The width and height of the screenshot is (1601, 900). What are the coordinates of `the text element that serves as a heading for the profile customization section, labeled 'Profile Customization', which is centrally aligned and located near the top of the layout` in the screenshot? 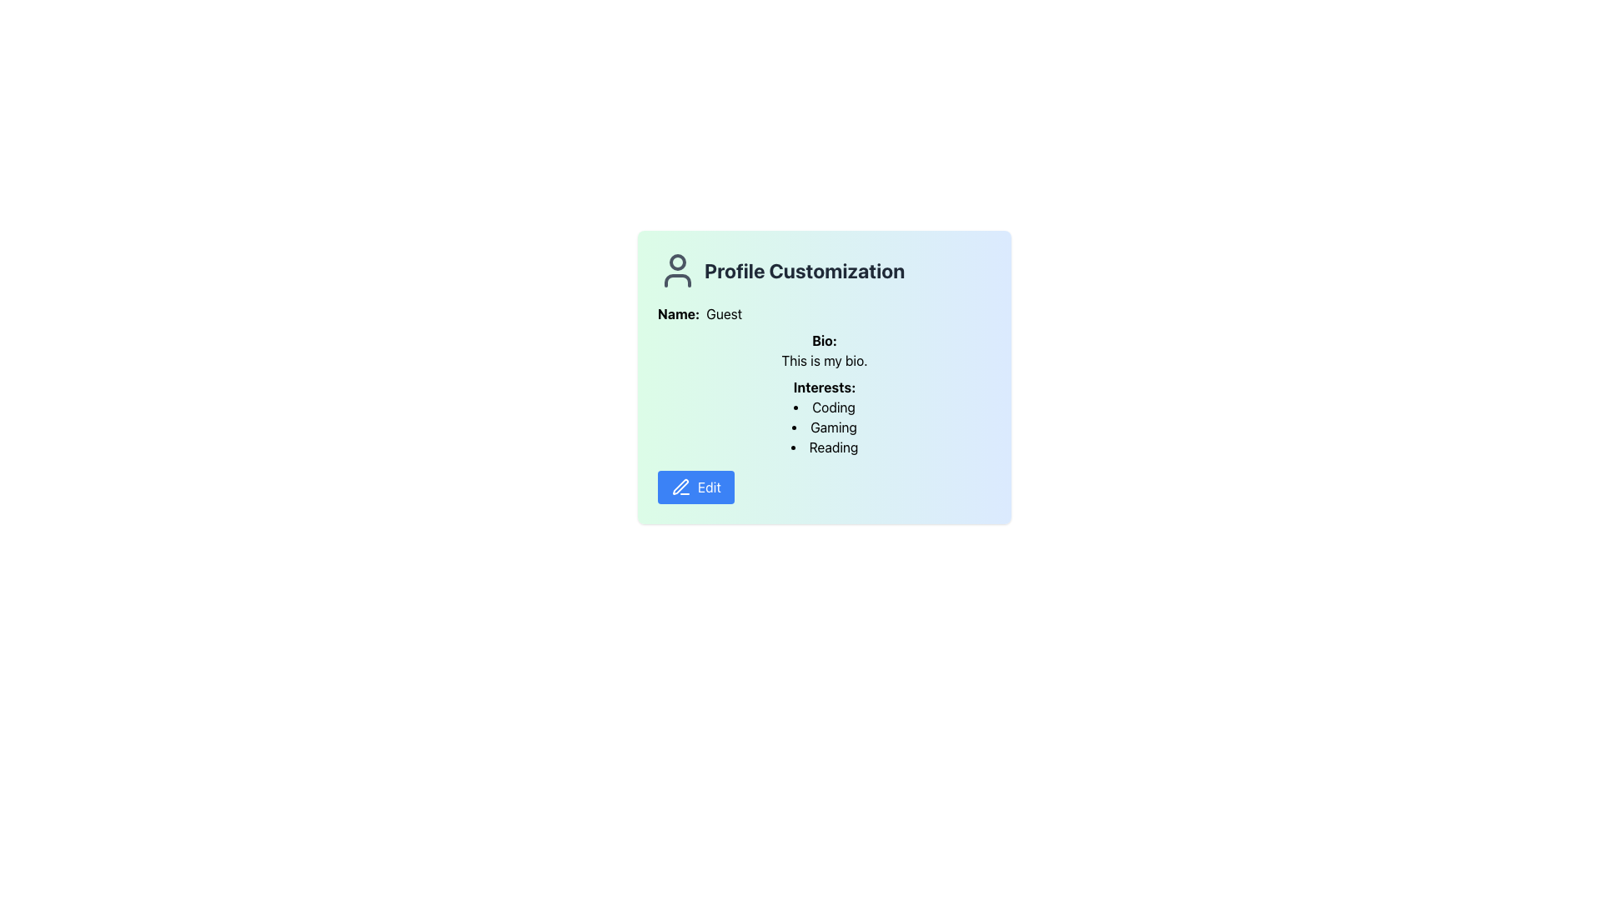 It's located at (805, 269).